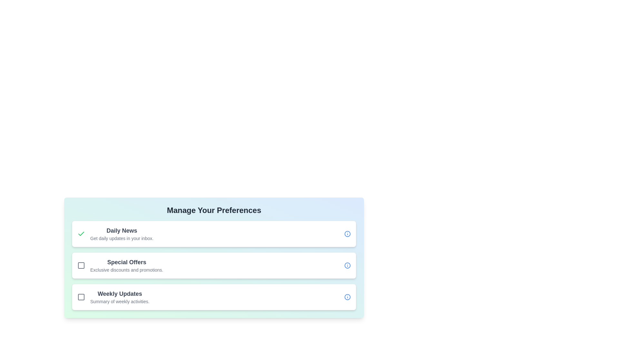 Image resolution: width=619 pixels, height=348 pixels. I want to click on the circular graphical element with a blue outline located in the 'Special Offers' section near the top-right corner, so click(347, 234).